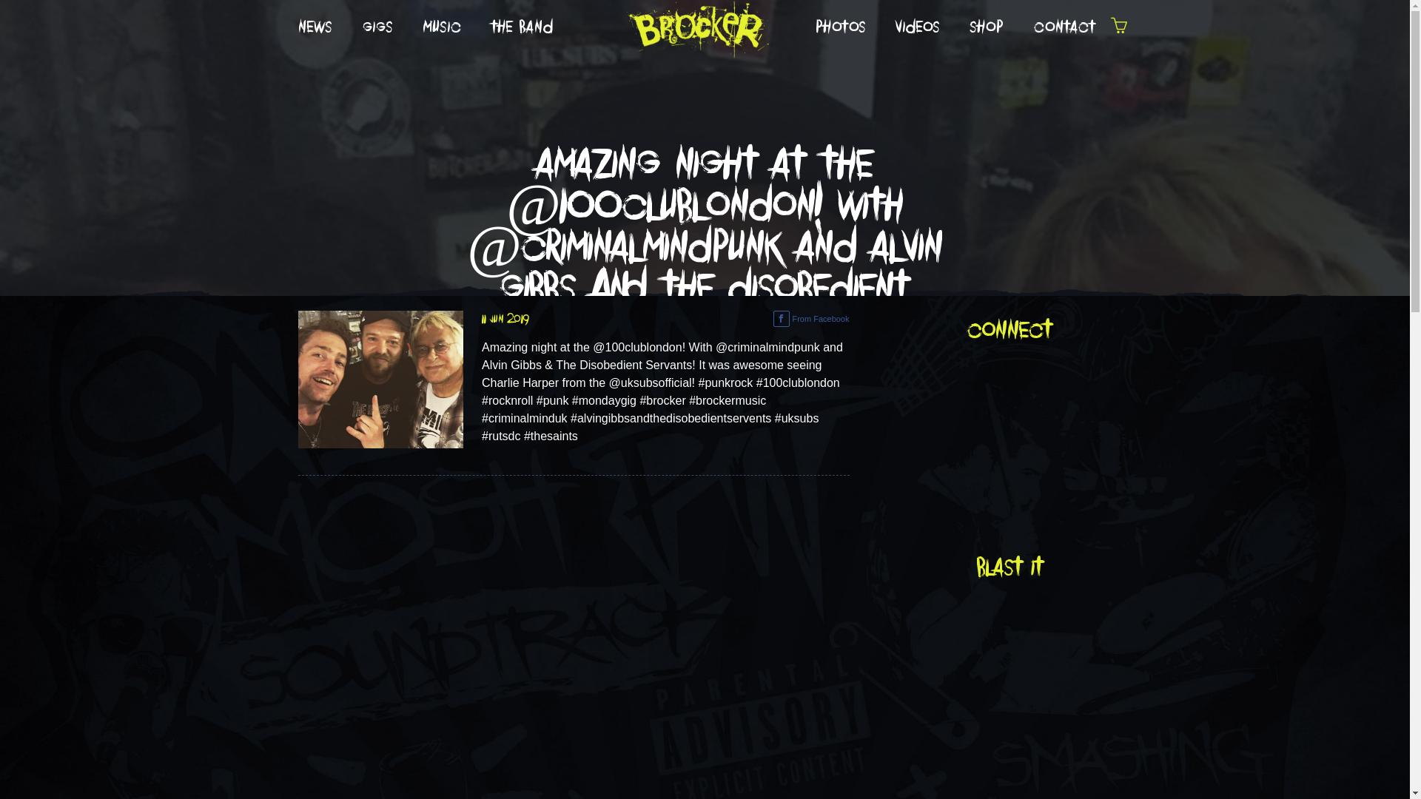 This screenshot has height=799, width=1421. Describe the element at coordinates (347, 27) in the screenshot. I see `'gigs'` at that location.